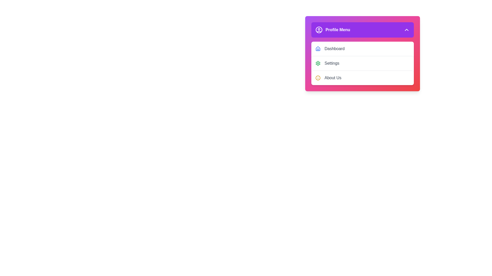 The height and width of the screenshot is (276, 492). What do you see at coordinates (362, 30) in the screenshot?
I see `the 'Profile Menu' button to toggle the visibility of the menu` at bounding box center [362, 30].